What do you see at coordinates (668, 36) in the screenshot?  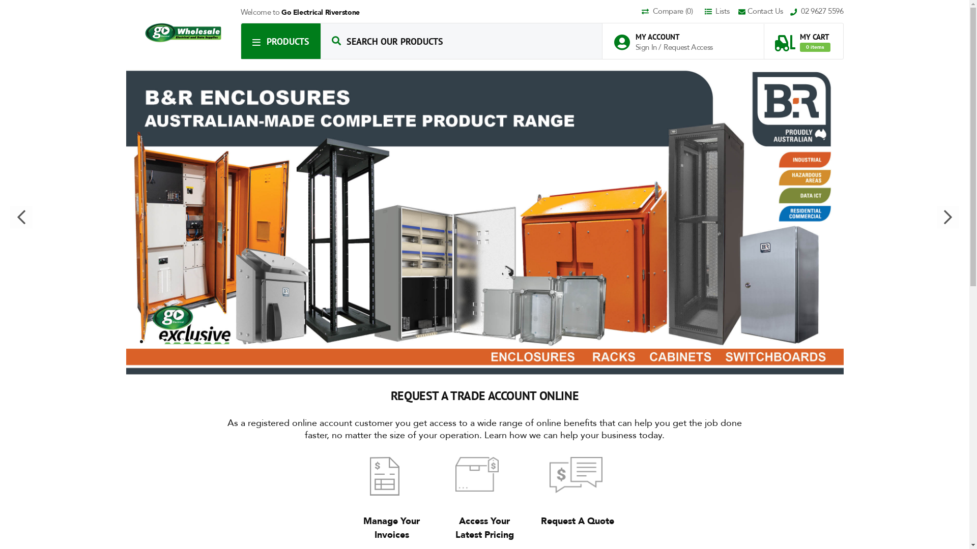 I see `'MY ACCOUNT'` at bounding box center [668, 36].